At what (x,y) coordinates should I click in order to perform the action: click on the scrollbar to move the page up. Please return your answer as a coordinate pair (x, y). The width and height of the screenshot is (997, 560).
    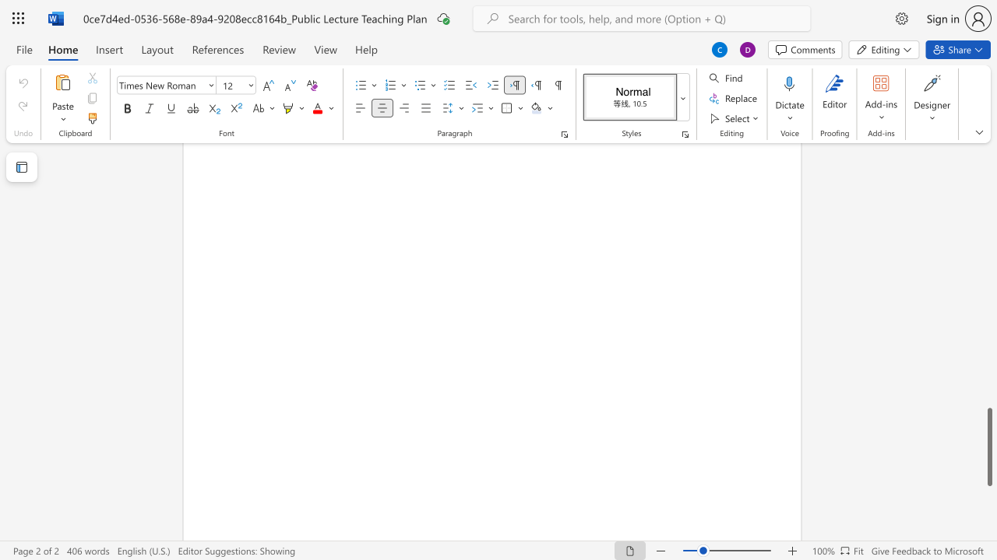
    Looking at the image, I should click on (988, 226).